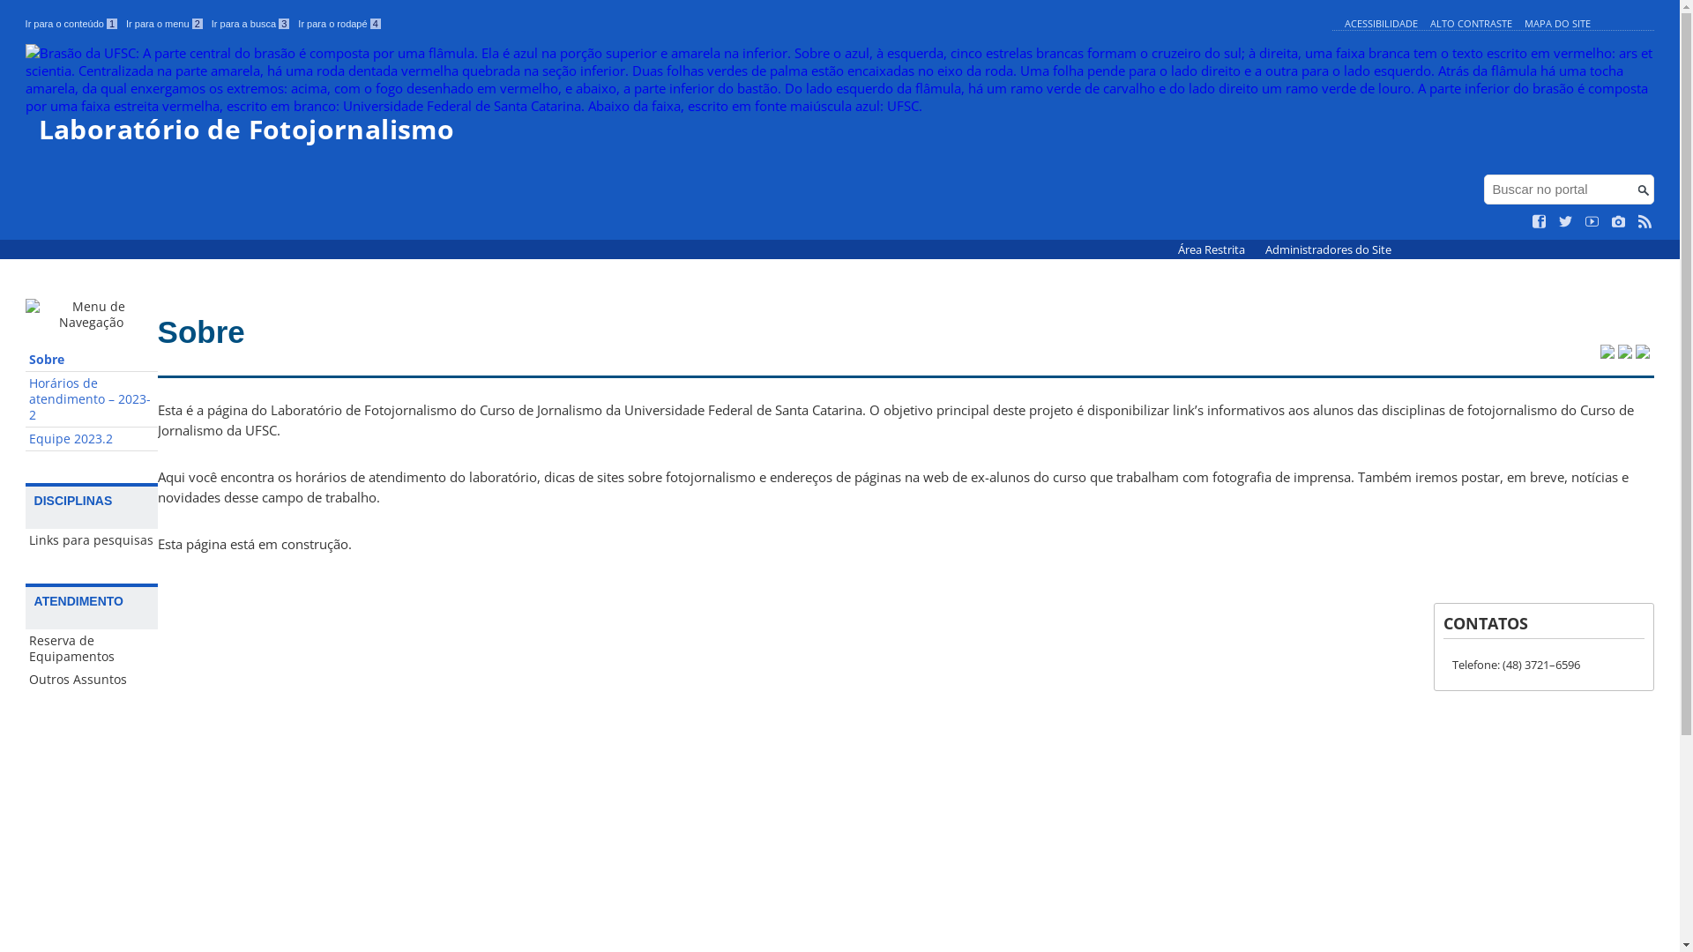  What do you see at coordinates (91, 649) in the screenshot?
I see `'Reserva de Equipamentos'` at bounding box center [91, 649].